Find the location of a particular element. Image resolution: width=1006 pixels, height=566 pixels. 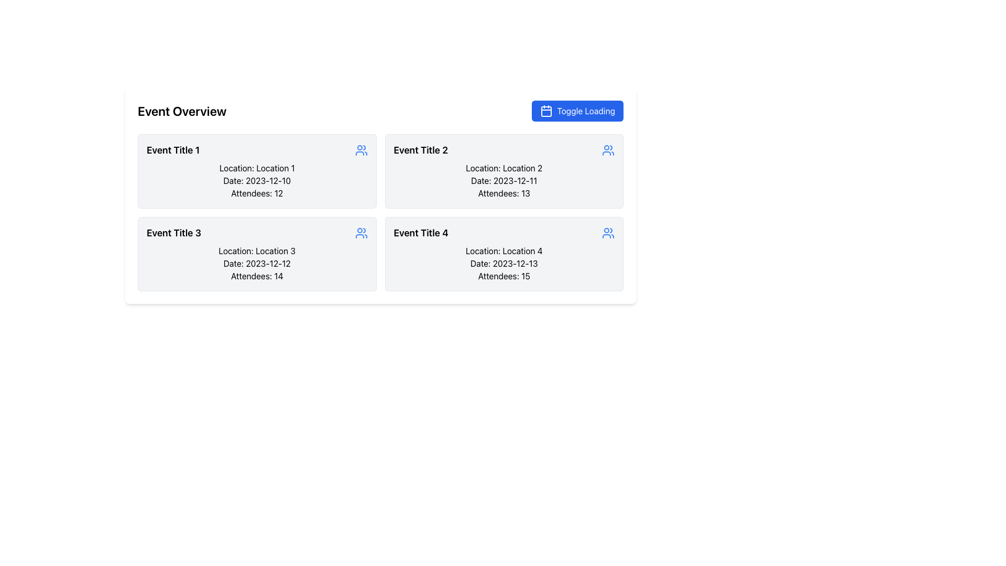

the second information card in the 2x2 grid layout, which displays details for a specific event is located at coordinates (504, 171).